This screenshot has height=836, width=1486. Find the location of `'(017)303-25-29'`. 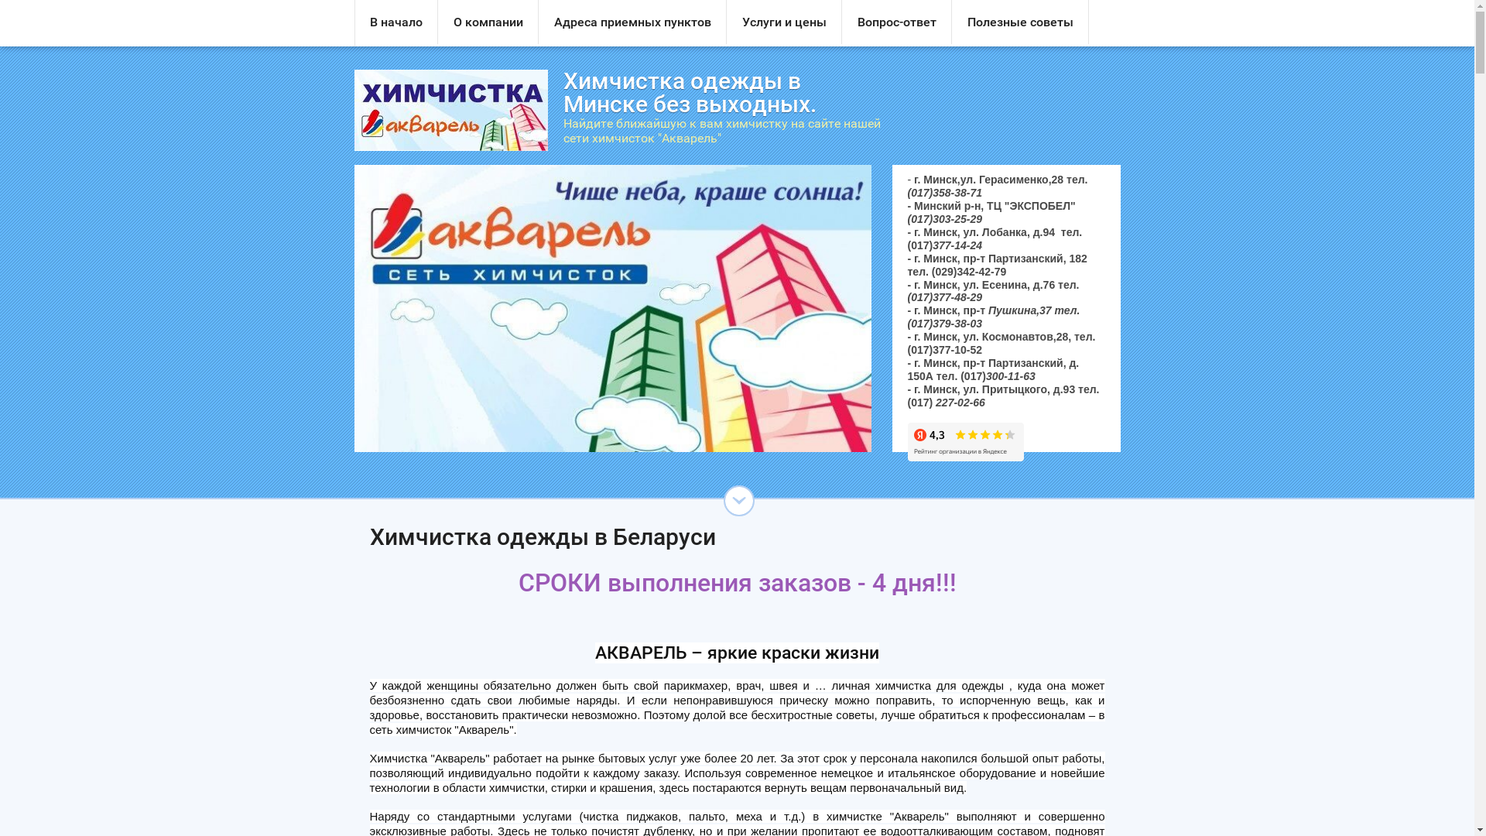

'(017)303-25-29' is located at coordinates (943, 218).